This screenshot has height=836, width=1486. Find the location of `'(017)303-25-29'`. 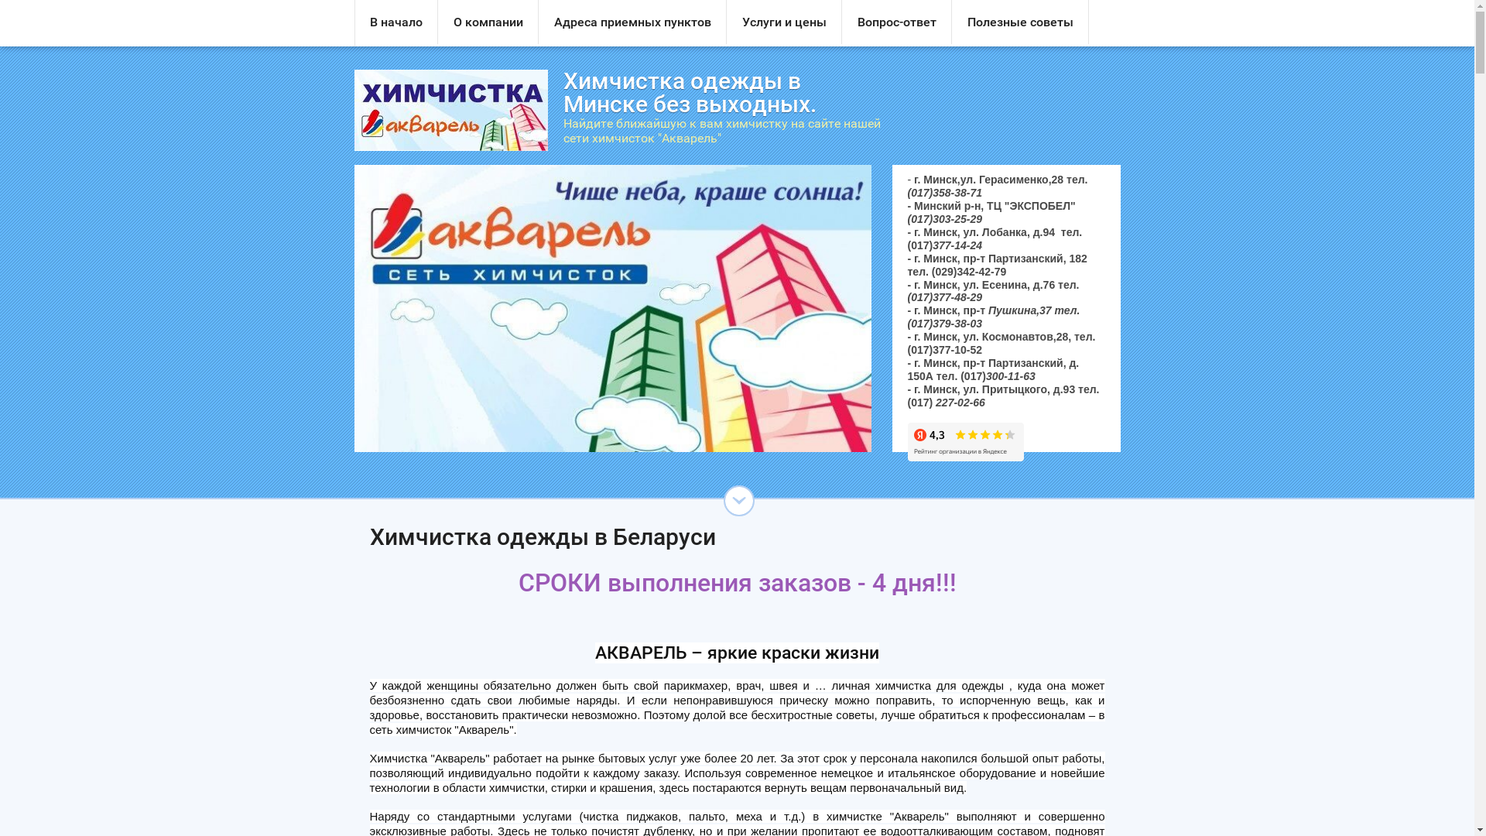

'(017)303-25-29' is located at coordinates (943, 218).